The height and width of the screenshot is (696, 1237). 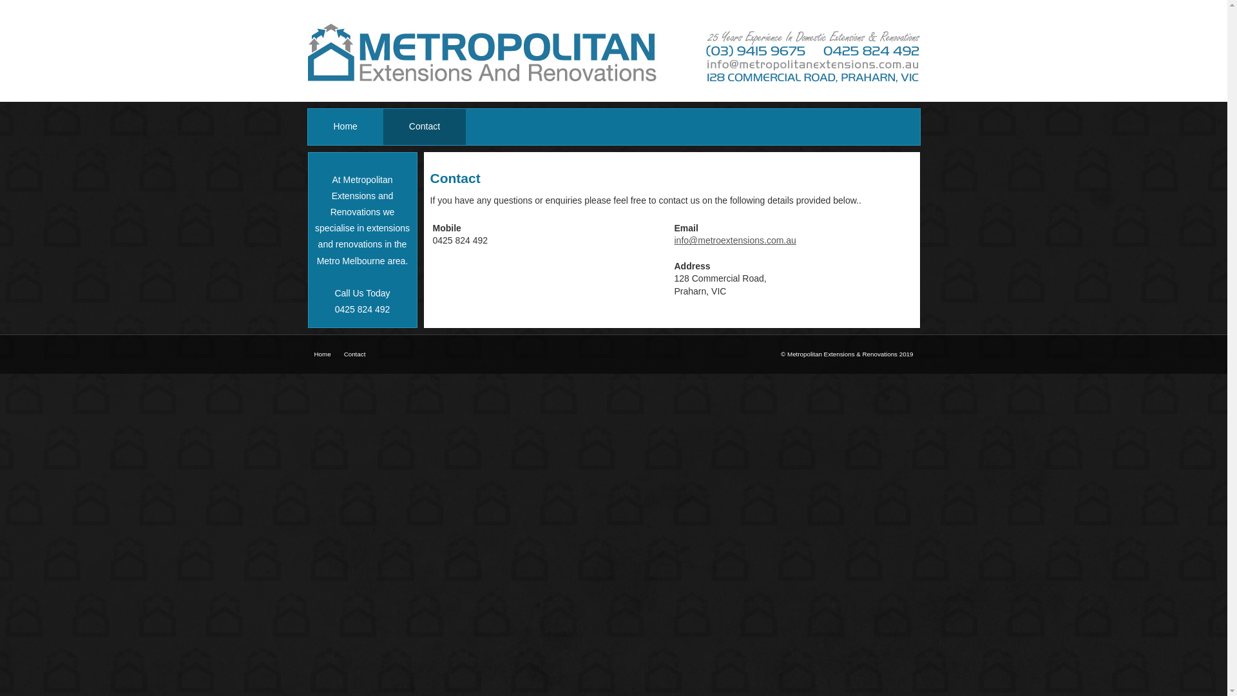 What do you see at coordinates (734, 240) in the screenshot?
I see `'info@metroextensions.com.au'` at bounding box center [734, 240].